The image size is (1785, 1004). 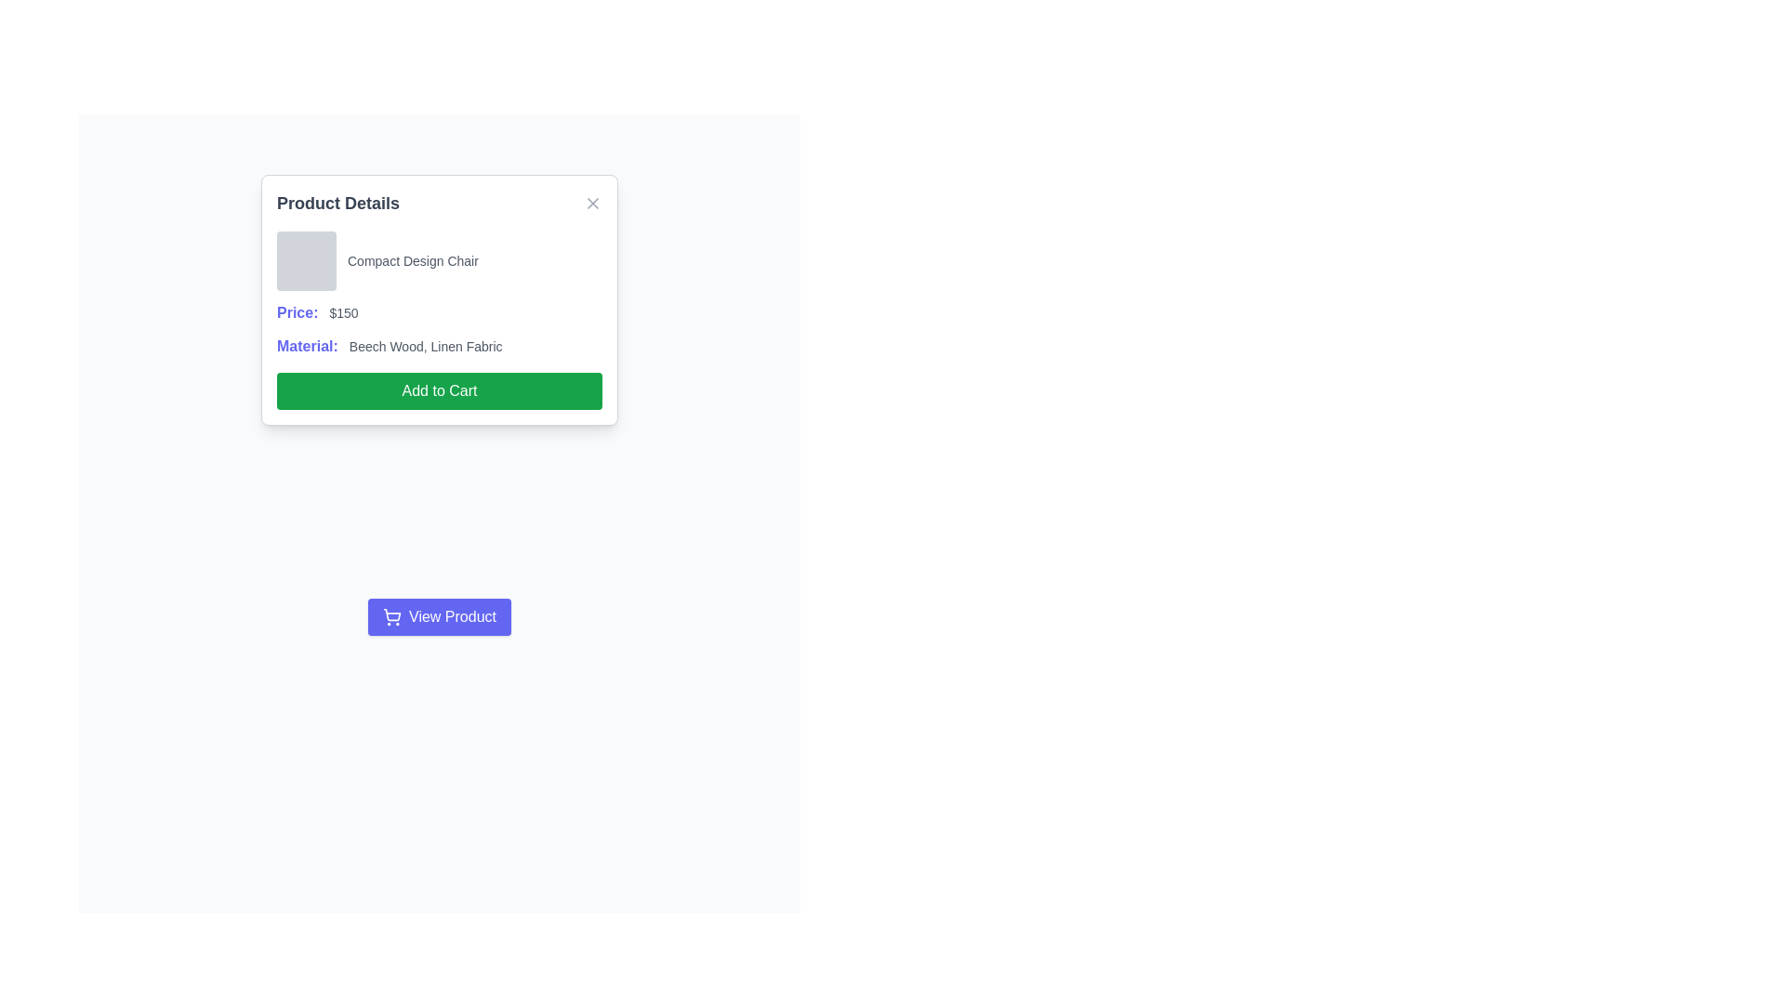 What do you see at coordinates (439, 261) in the screenshot?
I see `text 'Compact Design Chair' from the first section of the 'Product Details' modal dialog box, which is visually aligned horizontally with a small gray square to the left` at bounding box center [439, 261].